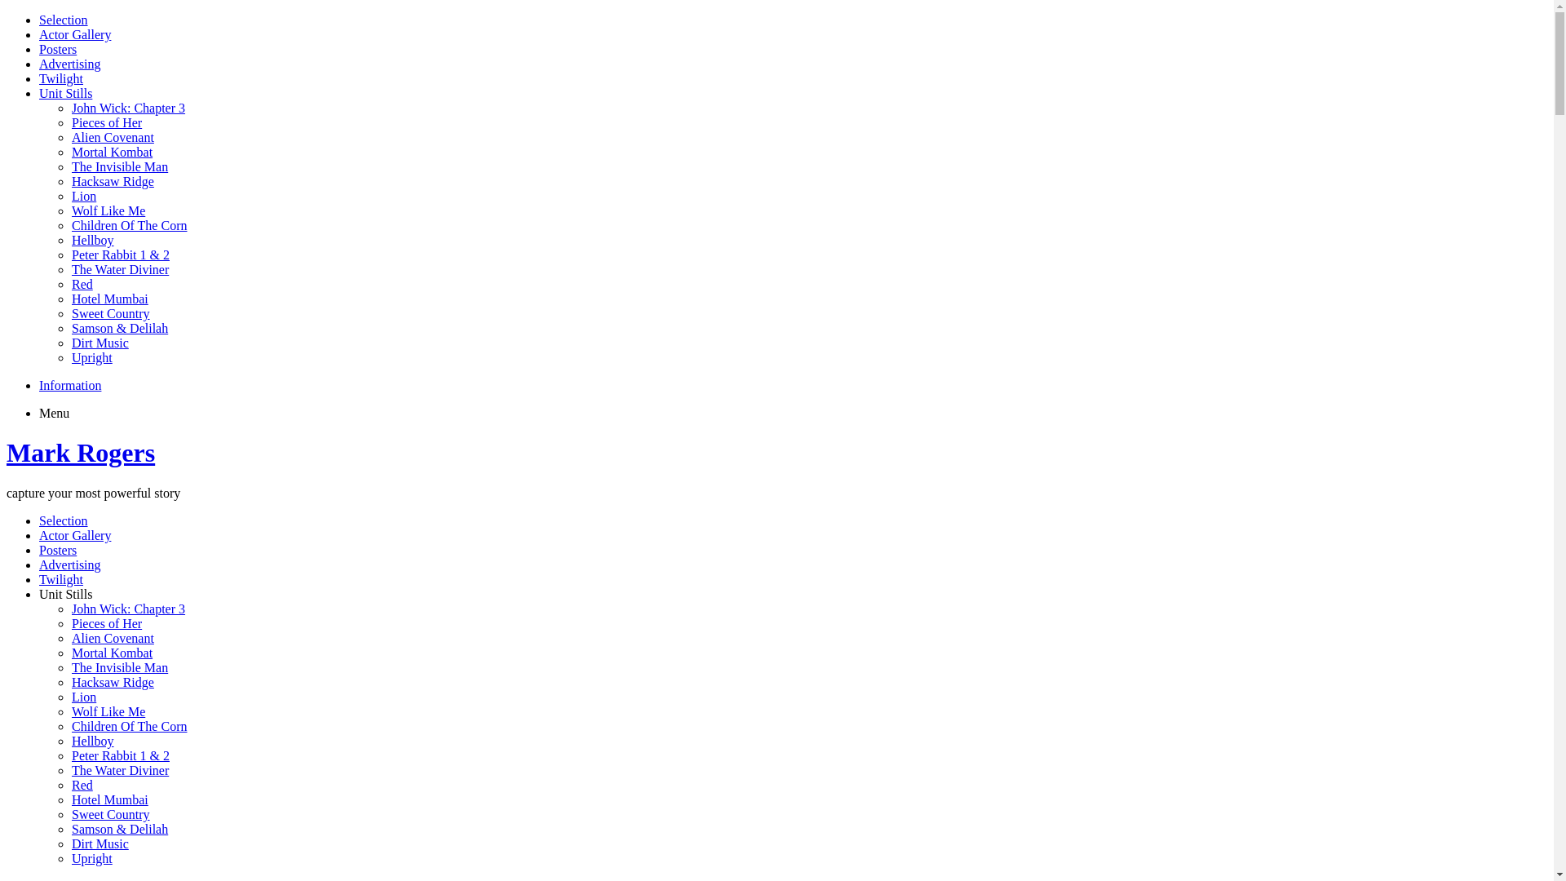 The height and width of the screenshot is (881, 1566). I want to click on 'The Water Diviner', so click(119, 770).